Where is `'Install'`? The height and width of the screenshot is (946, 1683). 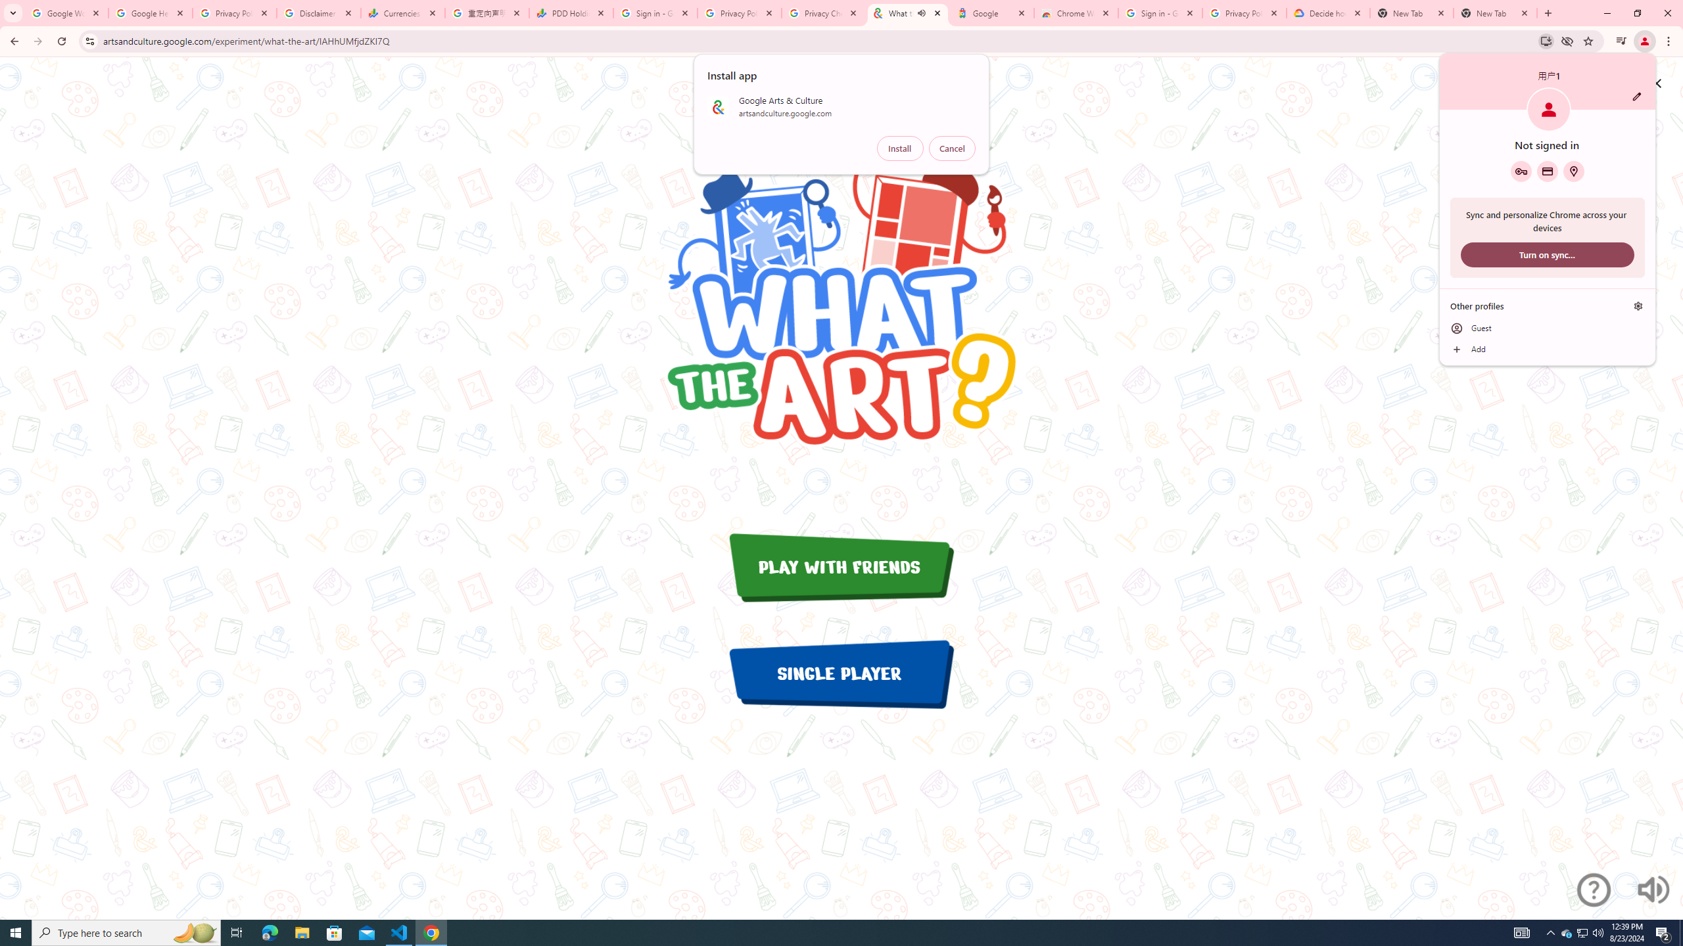
'Install' is located at coordinates (900, 148).